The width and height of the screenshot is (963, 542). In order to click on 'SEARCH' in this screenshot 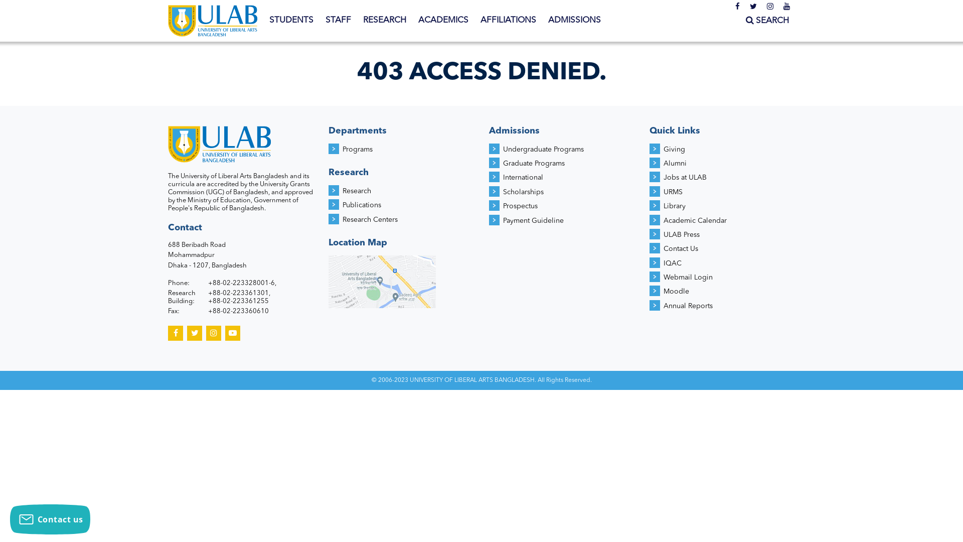, I will do `click(746, 21)`.